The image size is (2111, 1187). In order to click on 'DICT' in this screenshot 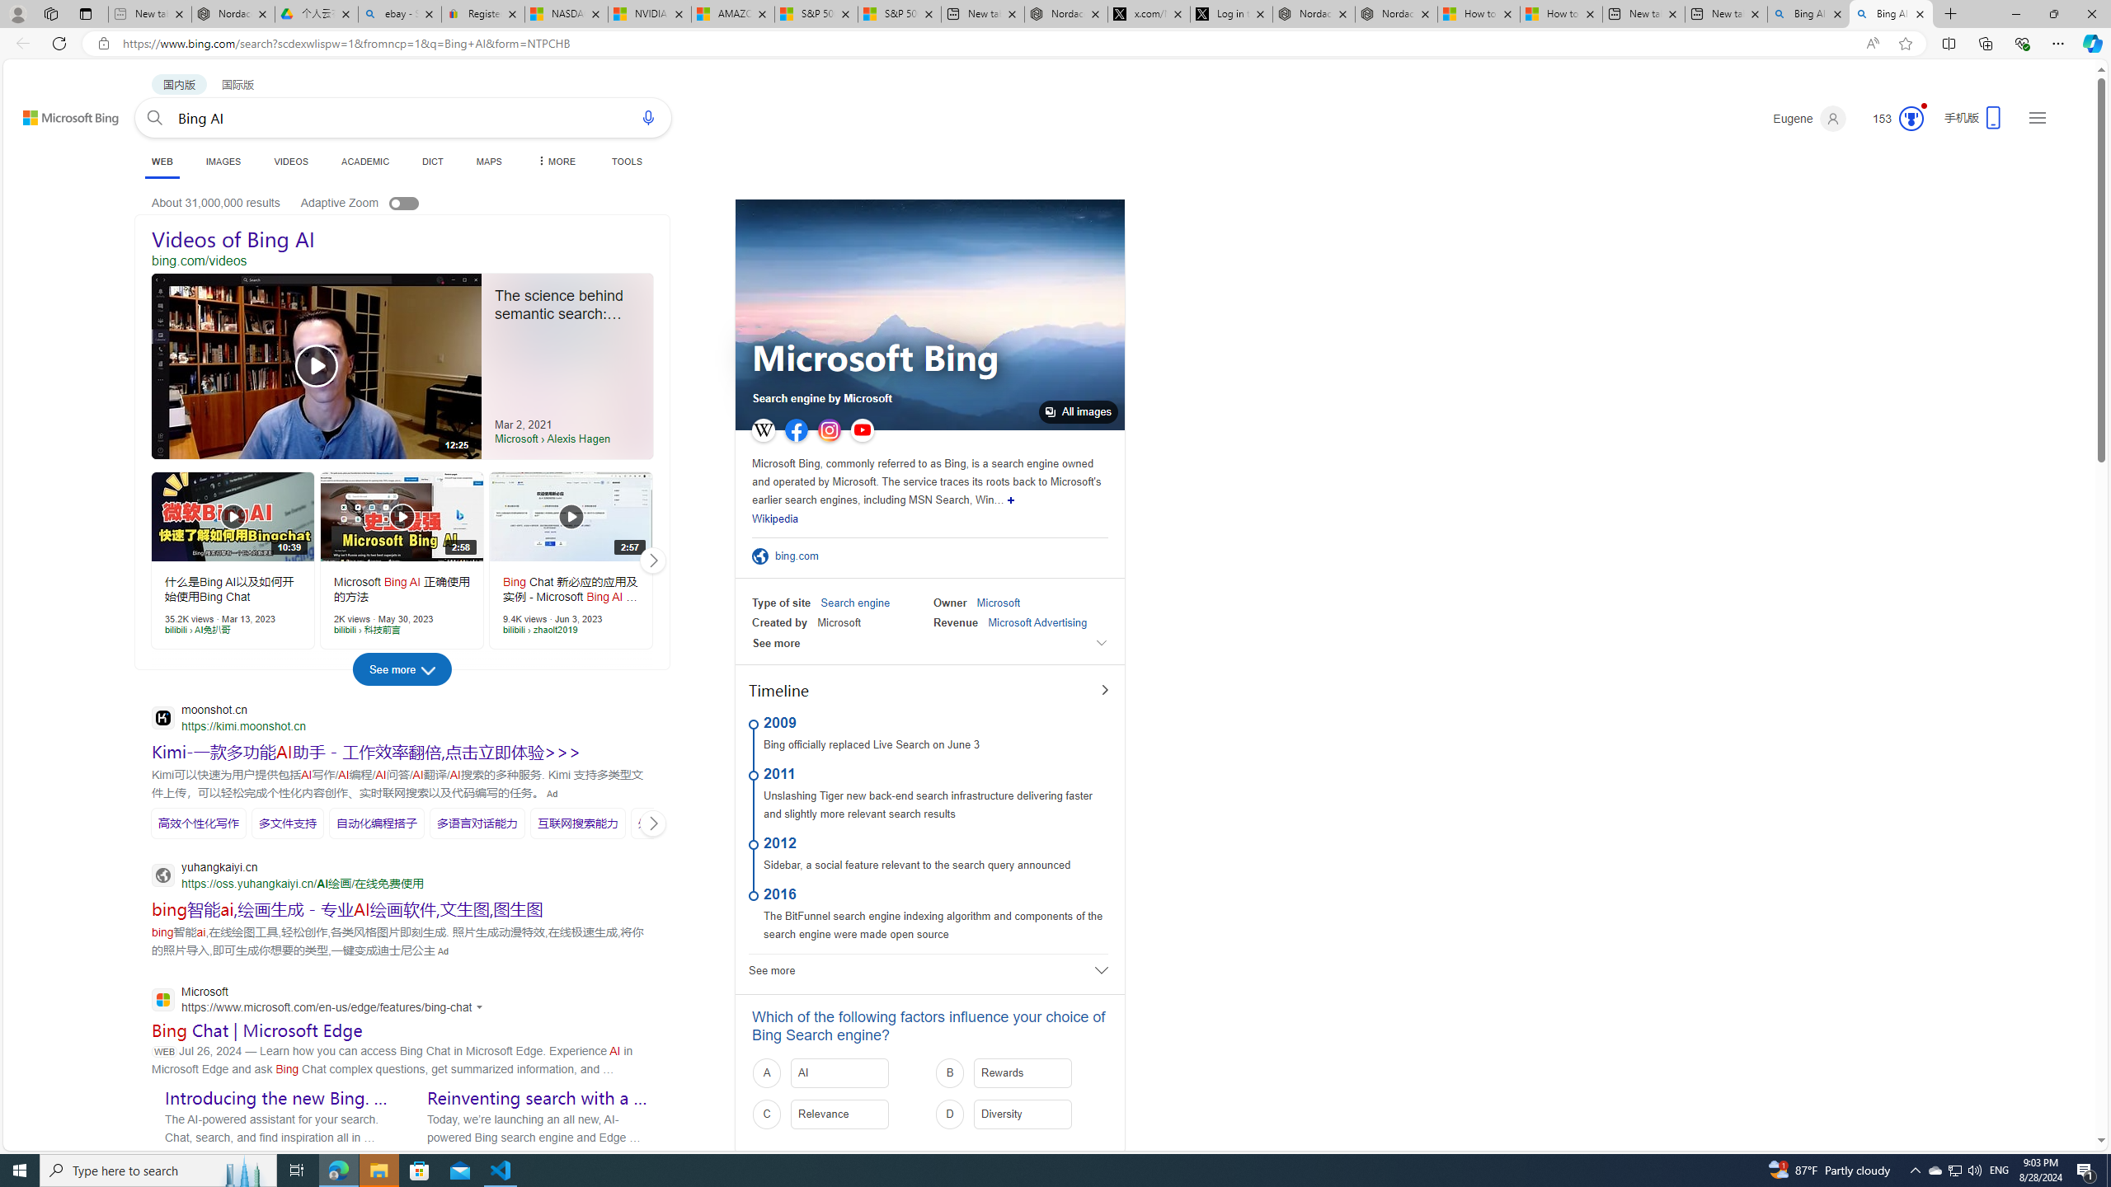, I will do `click(431, 161)`.